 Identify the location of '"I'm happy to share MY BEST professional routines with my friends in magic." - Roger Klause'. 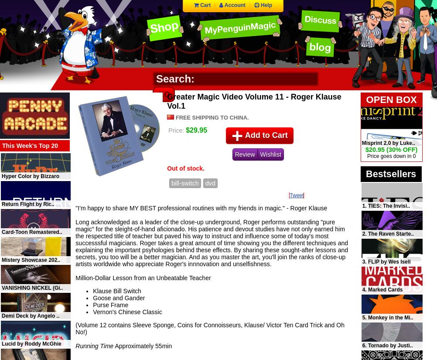
(201, 207).